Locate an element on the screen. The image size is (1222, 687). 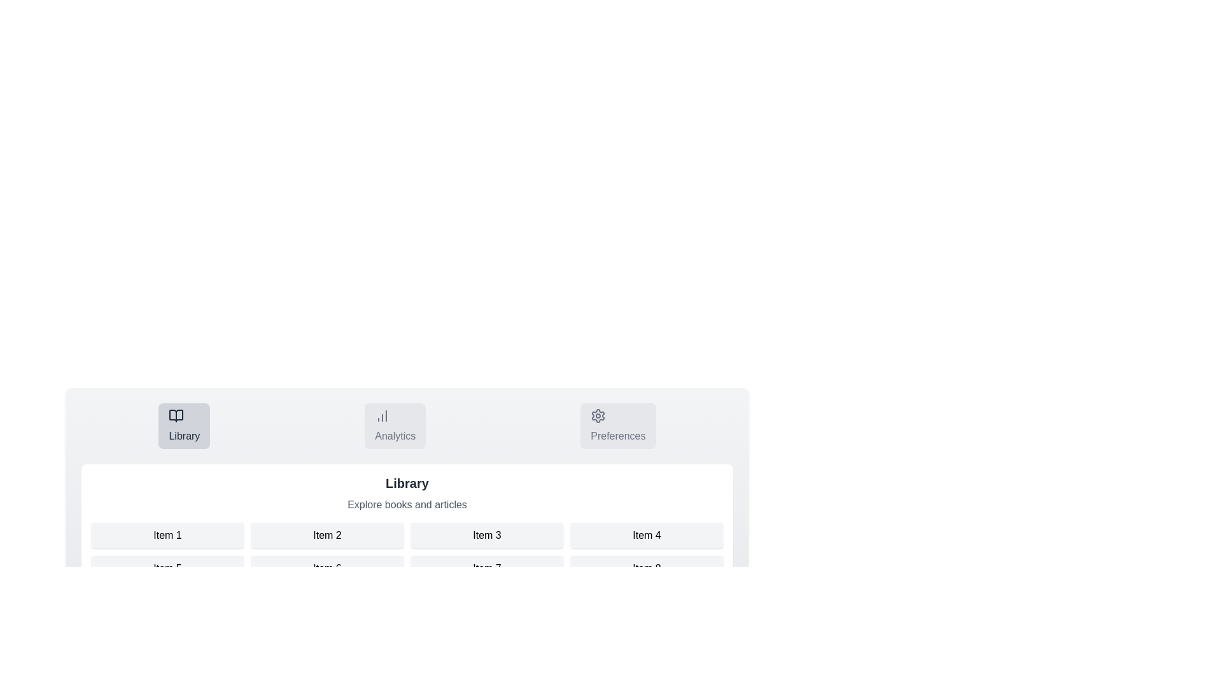
the icon of the Analytics tab to switch to it is located at coordinates (382, 416).